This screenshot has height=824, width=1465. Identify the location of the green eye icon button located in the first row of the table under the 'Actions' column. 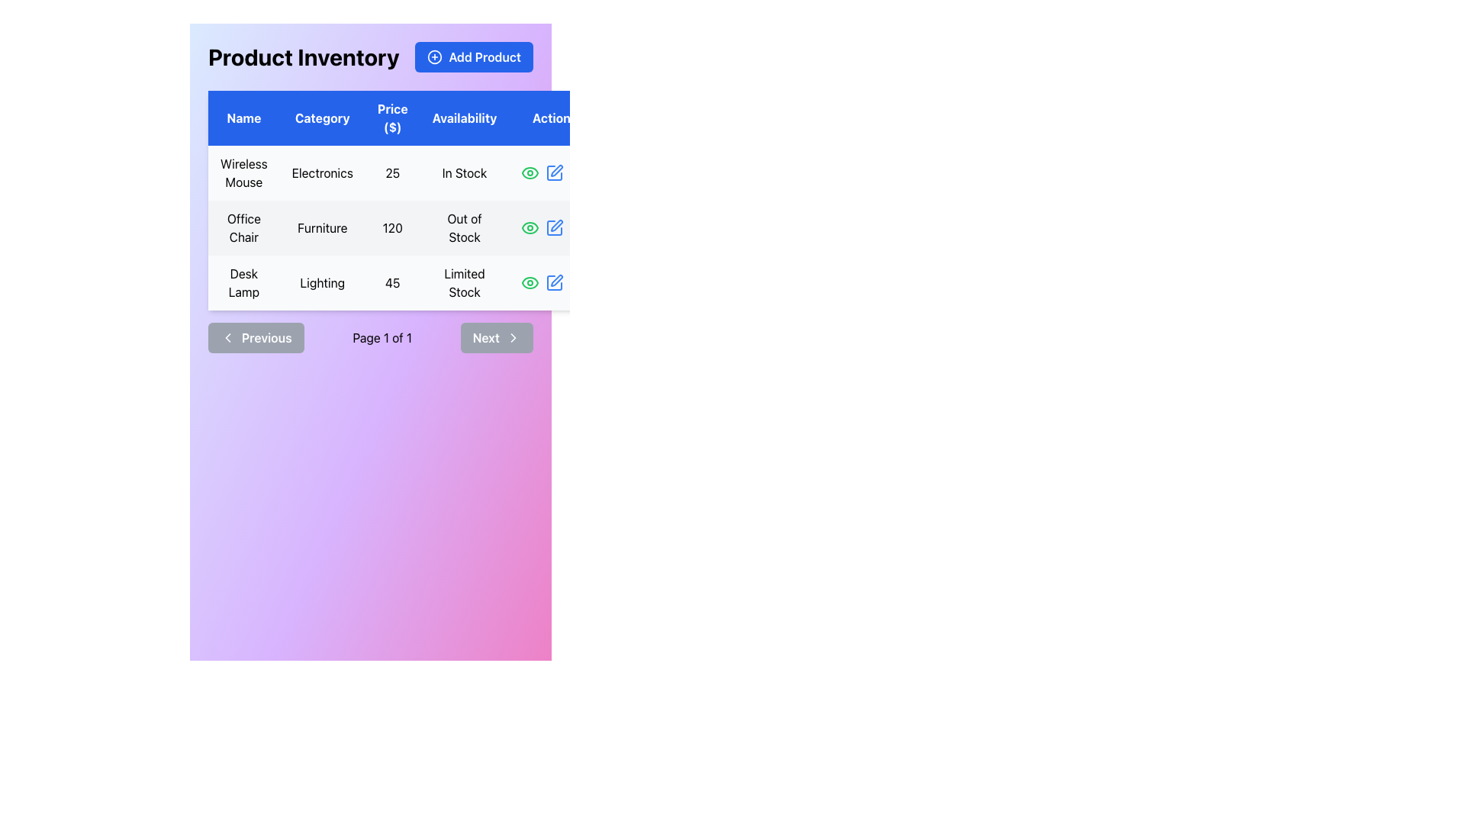
(530, 172).